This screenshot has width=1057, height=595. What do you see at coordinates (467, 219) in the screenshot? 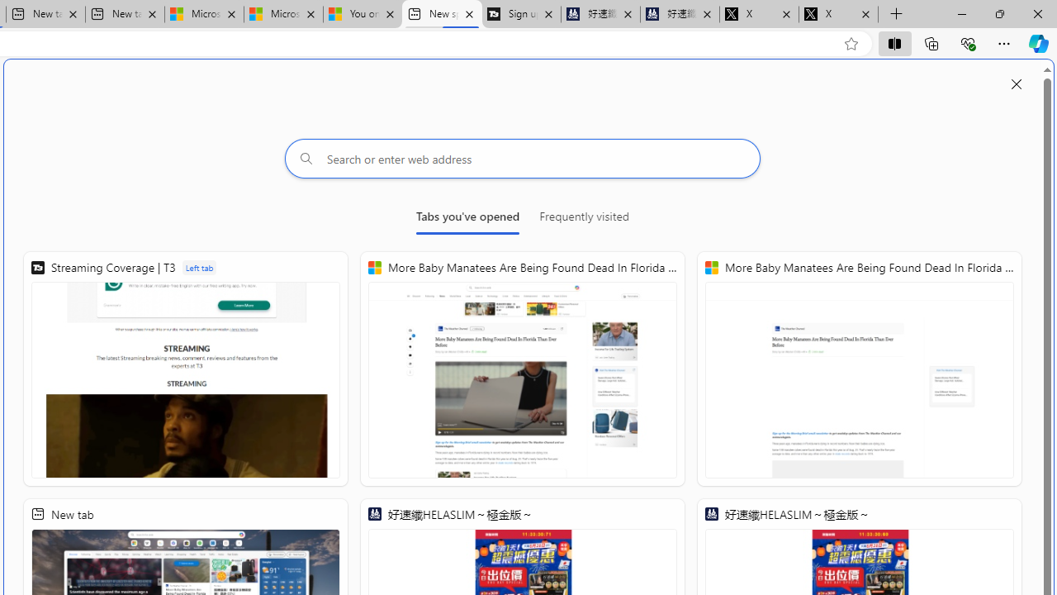
I see `'Tabs you'` at bounding box center [467, 219].